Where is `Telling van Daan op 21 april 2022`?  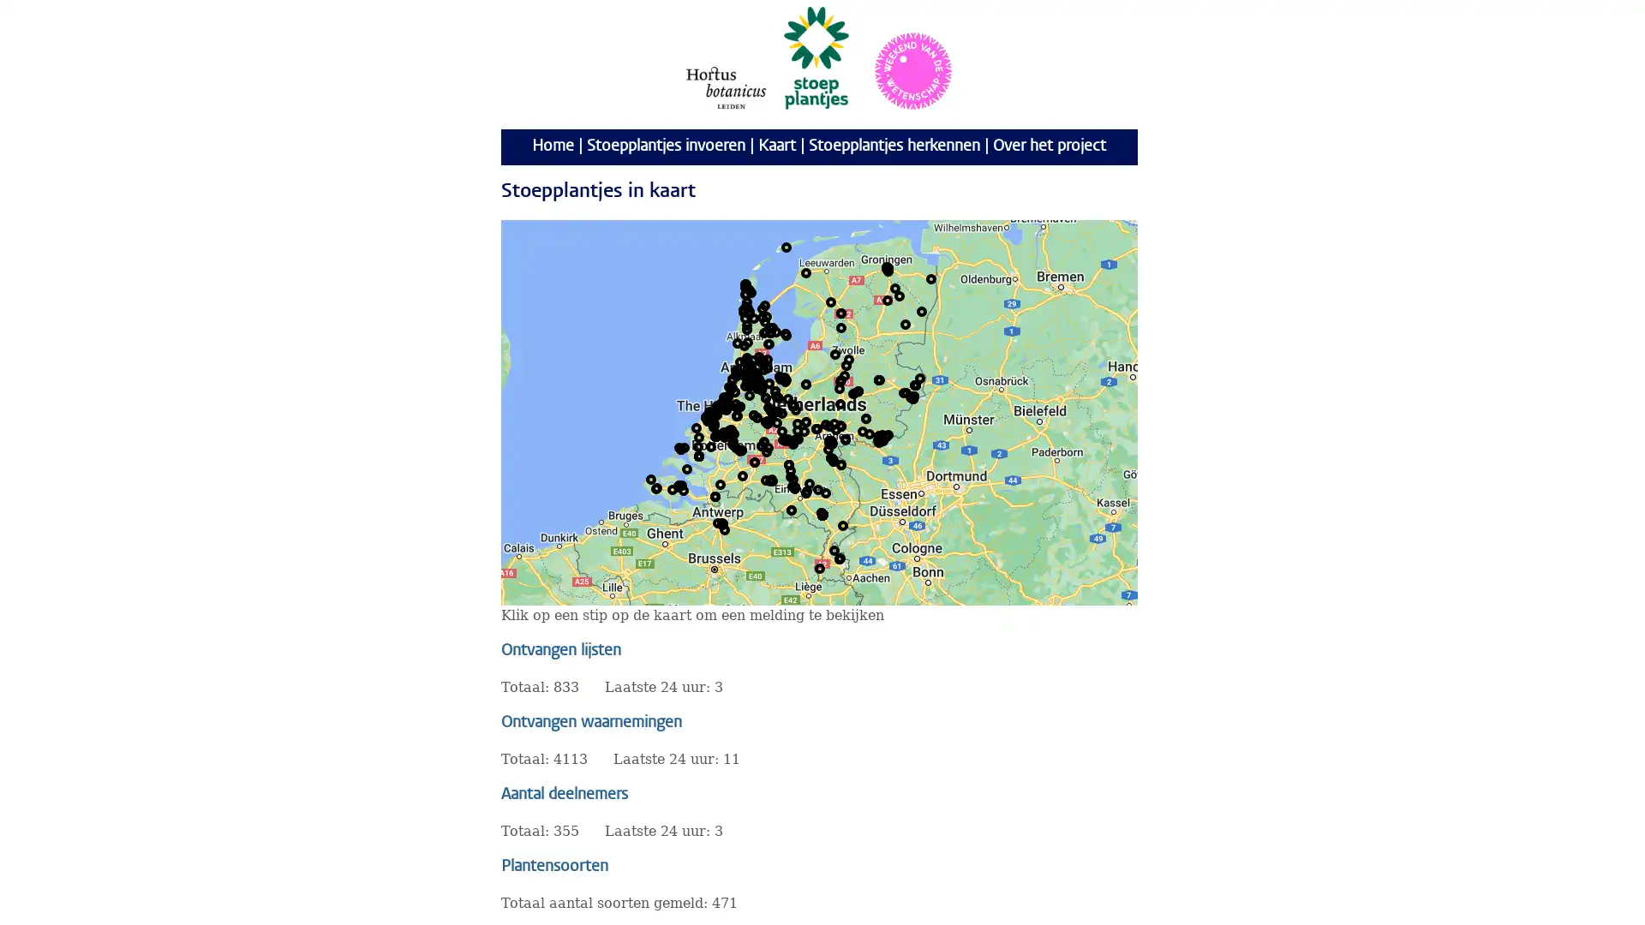 Telling van Daan op 21 april 2022 is located at coordinates (756, 376).